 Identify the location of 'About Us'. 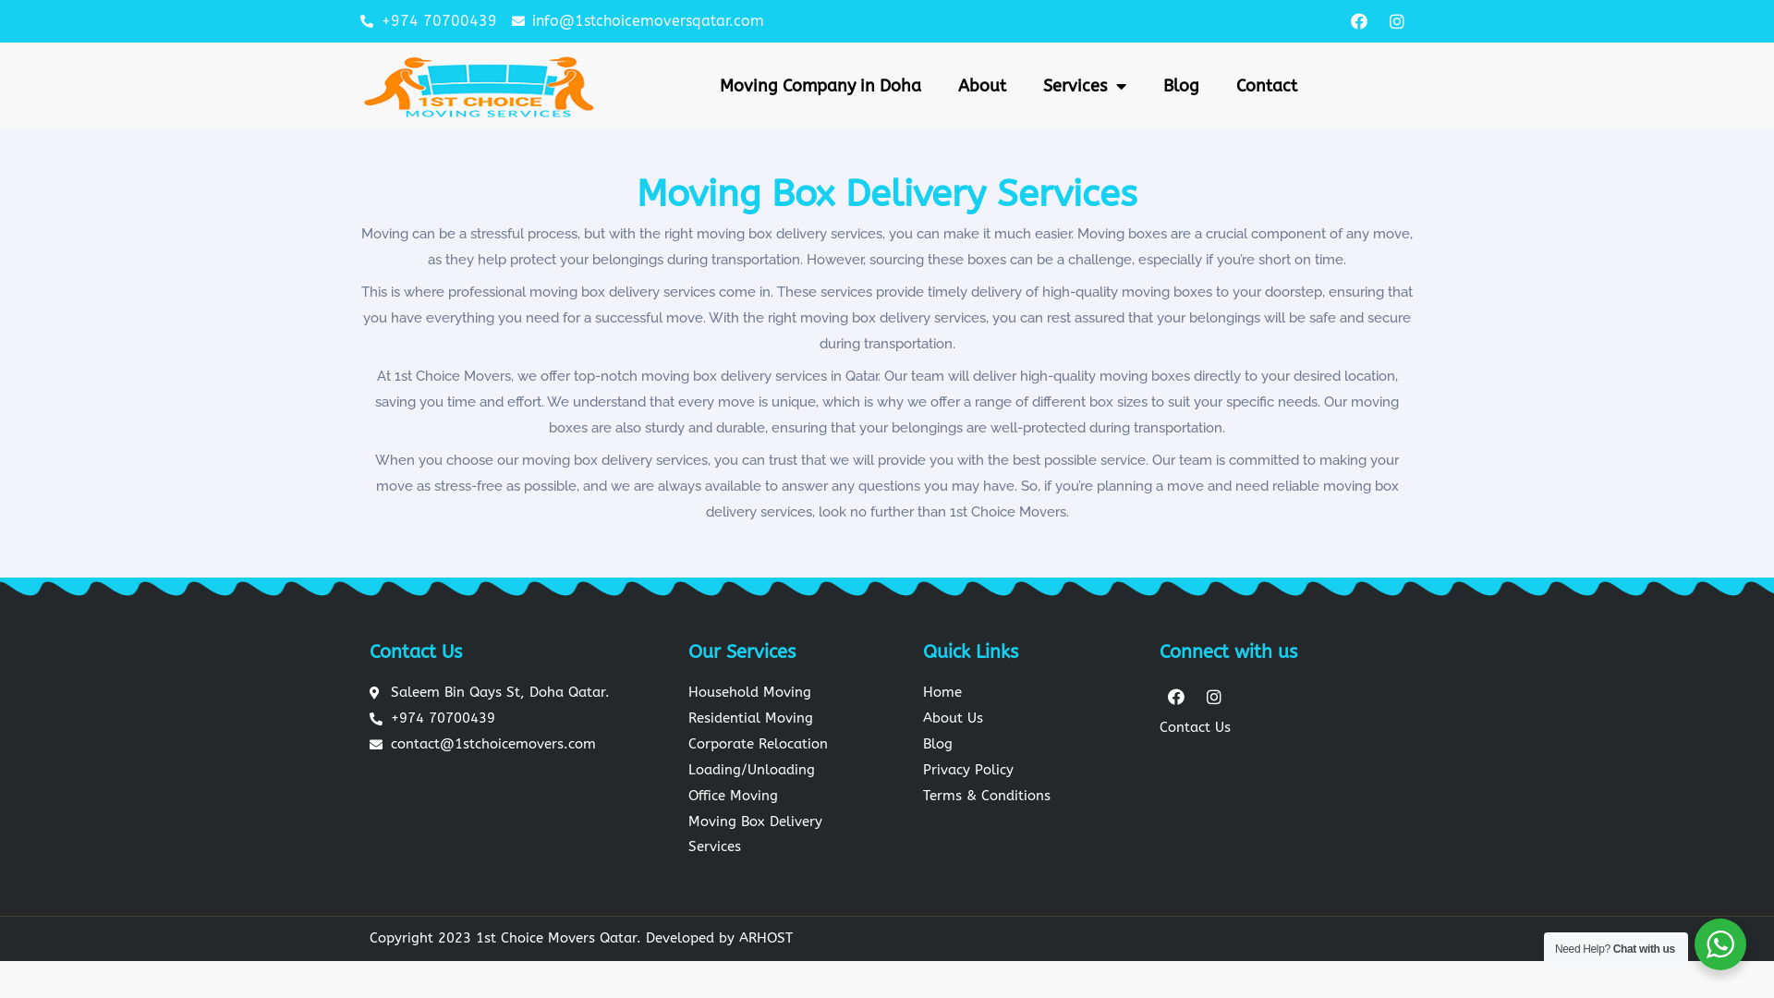
(1031, 718).